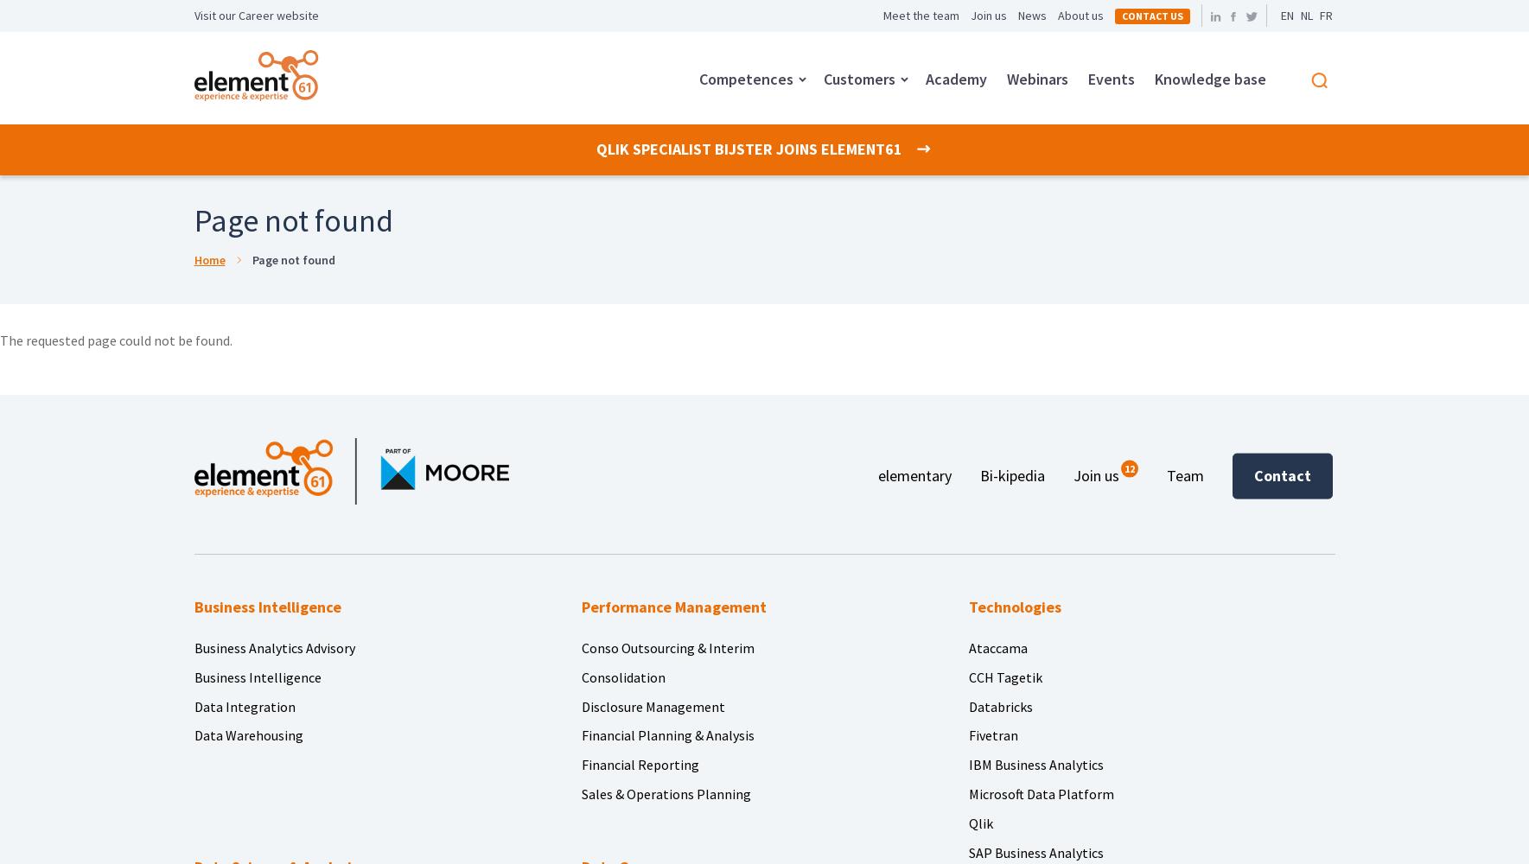 The width and height of the screenshot is (1529, 864). Describe the element at coordinates (969, 16) in the screenshot. I see `'Join us'` at that location.